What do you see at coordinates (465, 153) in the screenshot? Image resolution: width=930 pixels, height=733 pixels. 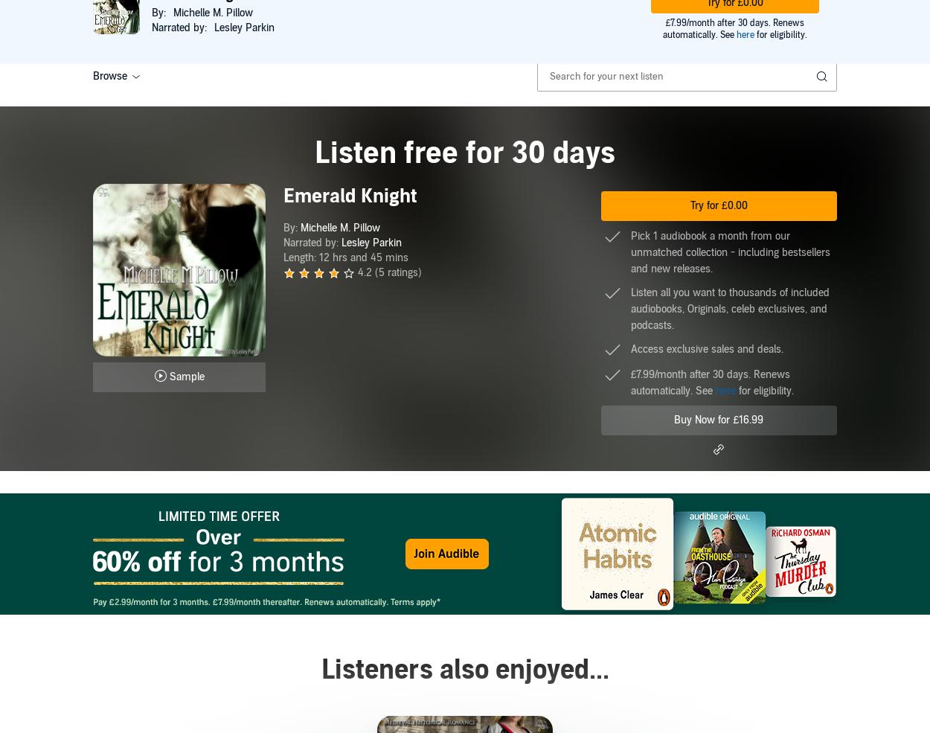 I see `'Listen free for 30 days'` at bounding box center [465, 153].